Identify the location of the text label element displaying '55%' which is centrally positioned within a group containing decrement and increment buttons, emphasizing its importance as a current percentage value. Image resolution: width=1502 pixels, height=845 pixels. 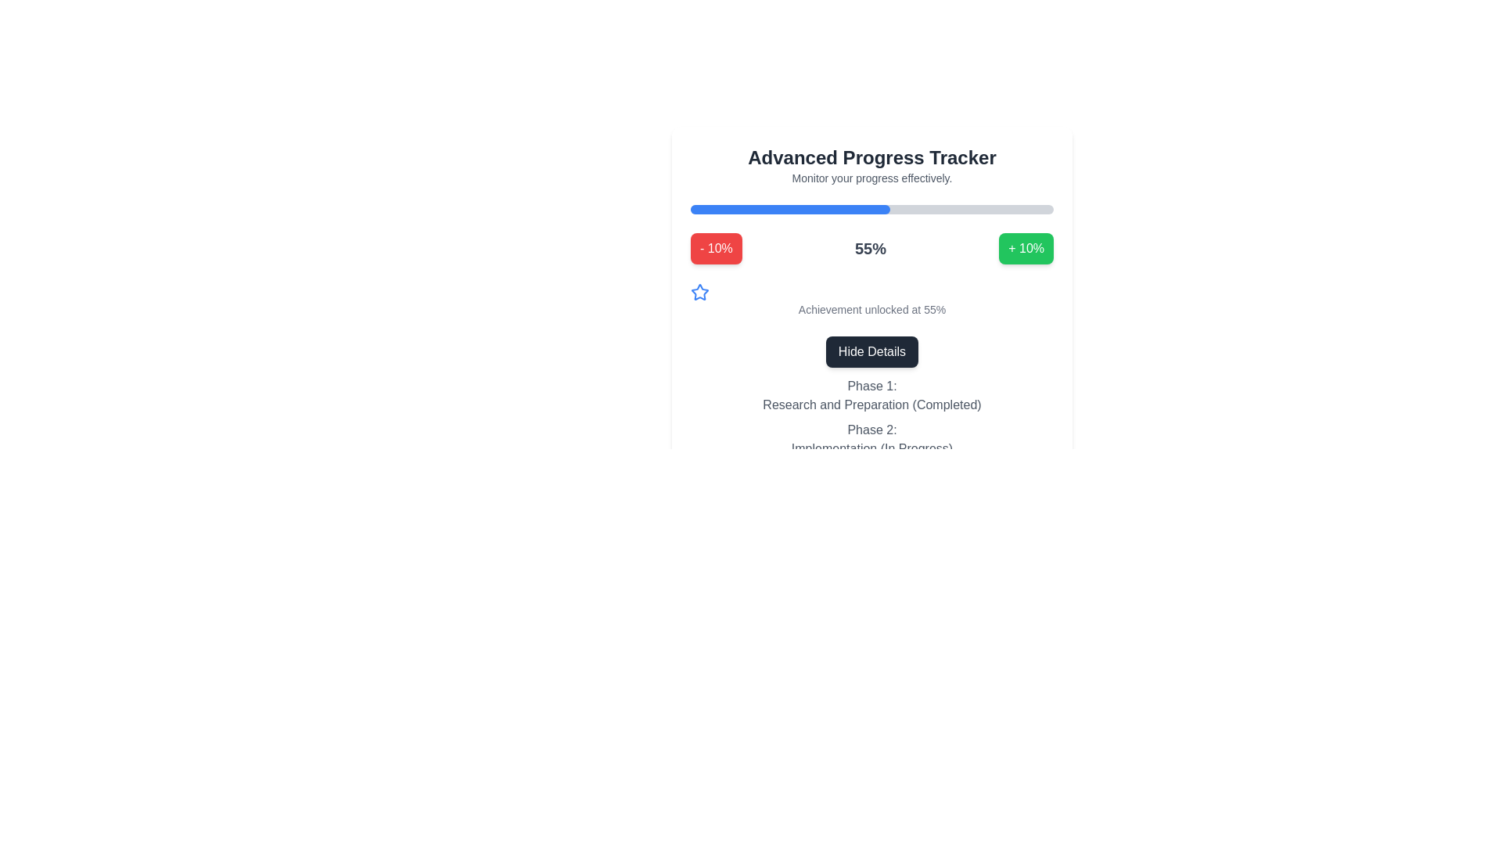
(870, 247).